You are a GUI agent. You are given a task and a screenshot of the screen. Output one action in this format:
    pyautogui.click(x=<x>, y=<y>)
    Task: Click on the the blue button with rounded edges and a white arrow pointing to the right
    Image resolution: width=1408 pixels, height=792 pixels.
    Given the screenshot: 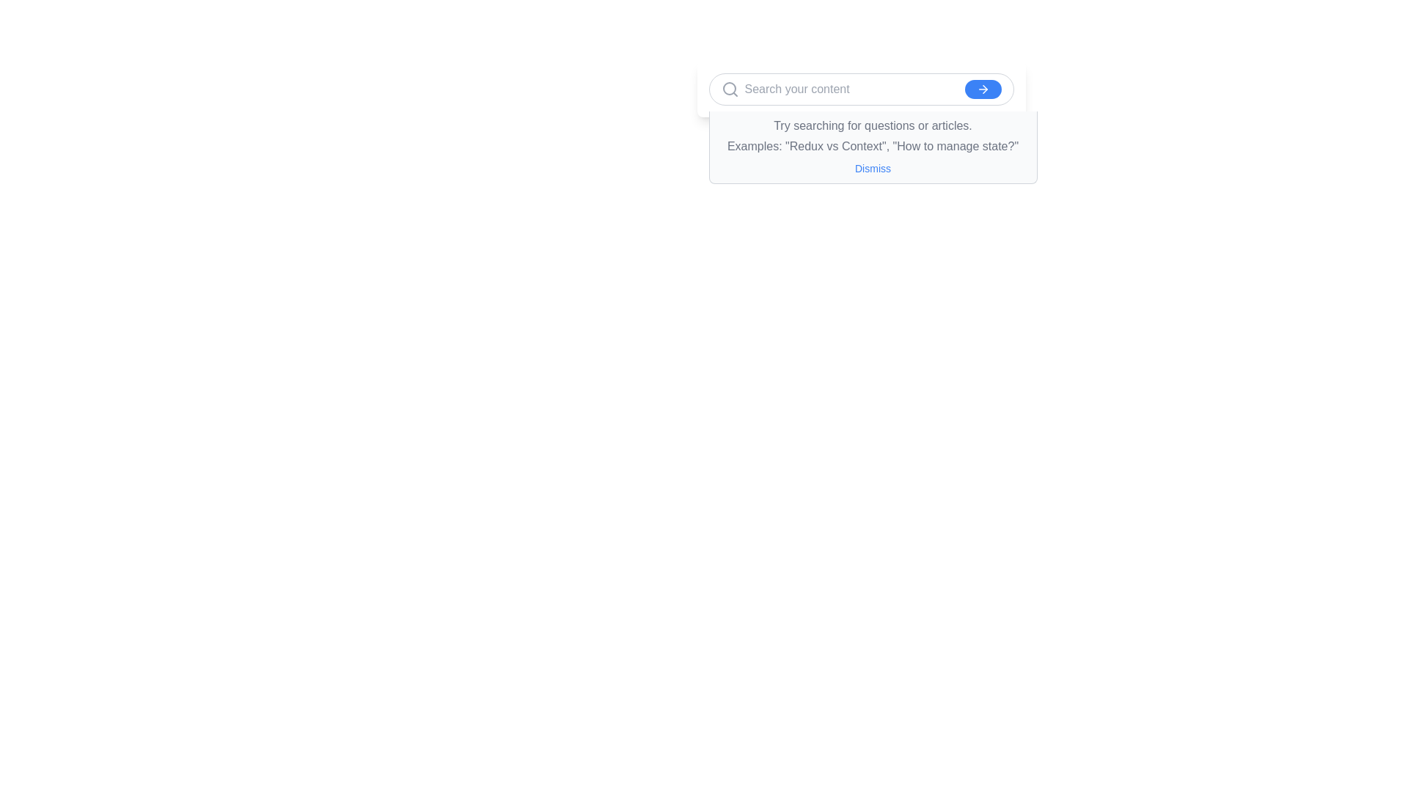 What is the action you would take?
    pyautogui.click(x=983, y=89)
    